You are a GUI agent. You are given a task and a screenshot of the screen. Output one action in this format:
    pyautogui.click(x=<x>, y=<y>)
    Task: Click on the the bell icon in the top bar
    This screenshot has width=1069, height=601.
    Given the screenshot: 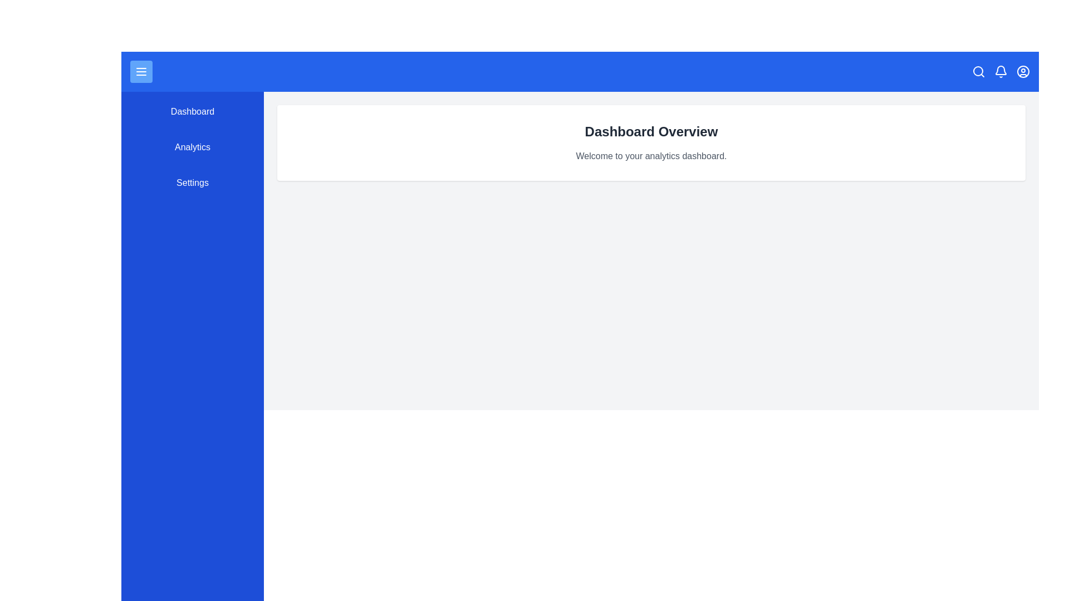 What is the action you would take?
    pyautogui.click(x=1001, y=71)
    